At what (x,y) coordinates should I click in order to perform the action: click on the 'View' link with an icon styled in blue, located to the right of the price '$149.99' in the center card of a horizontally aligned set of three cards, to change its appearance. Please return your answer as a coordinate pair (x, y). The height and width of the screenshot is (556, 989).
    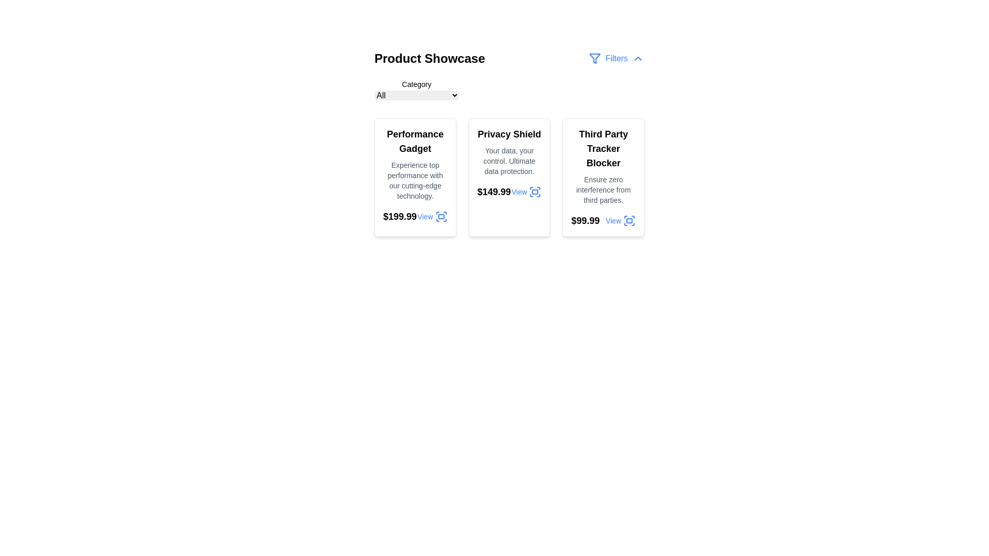
    Looking at the image, I should click on (526, 192).